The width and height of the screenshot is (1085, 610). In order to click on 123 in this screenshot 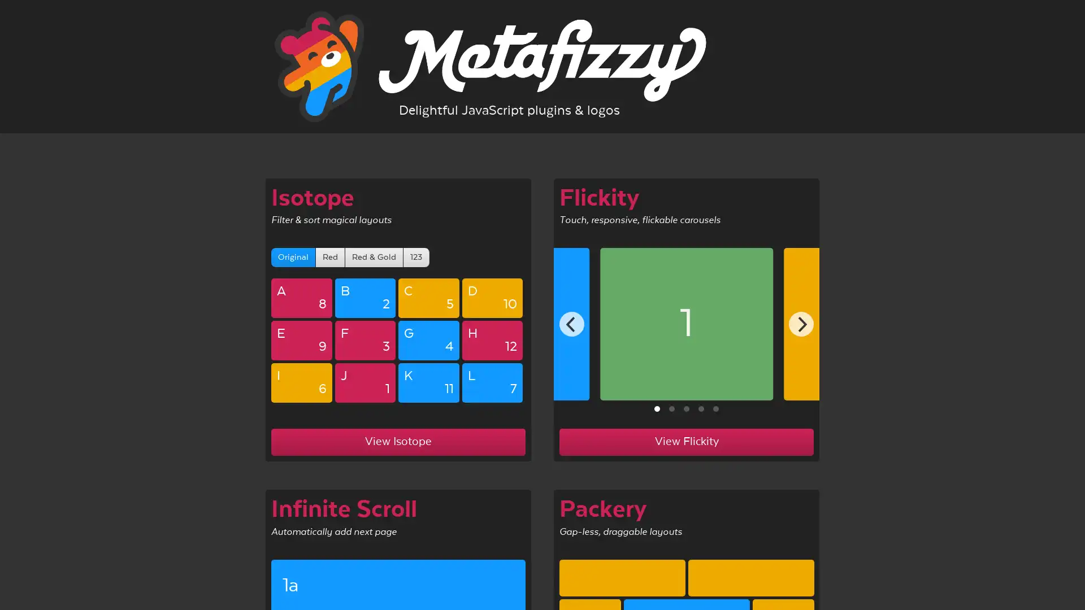, I will do `click(416, 257)`.